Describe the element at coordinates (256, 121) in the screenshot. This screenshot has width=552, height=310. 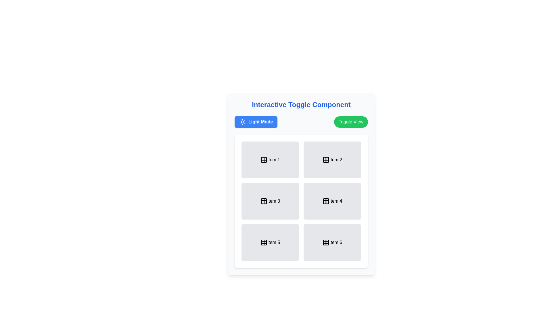
I see `the blue 'Light Mode' button with a sun icon` at that location.